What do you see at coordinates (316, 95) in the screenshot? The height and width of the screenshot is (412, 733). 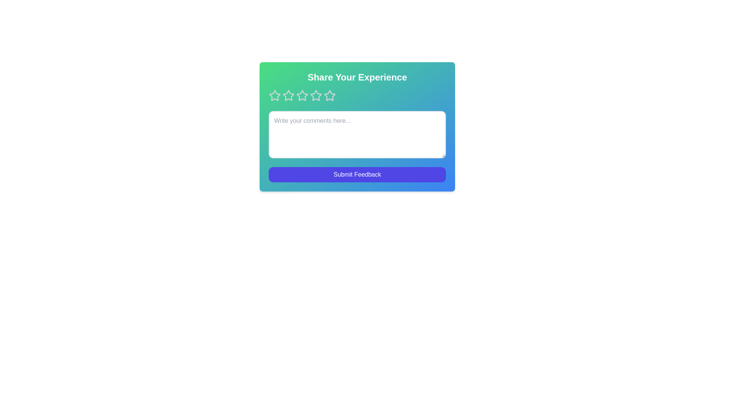 I see `the rating to 4 stars by clicking on the corresponding star` at bounding box center [316, 95].